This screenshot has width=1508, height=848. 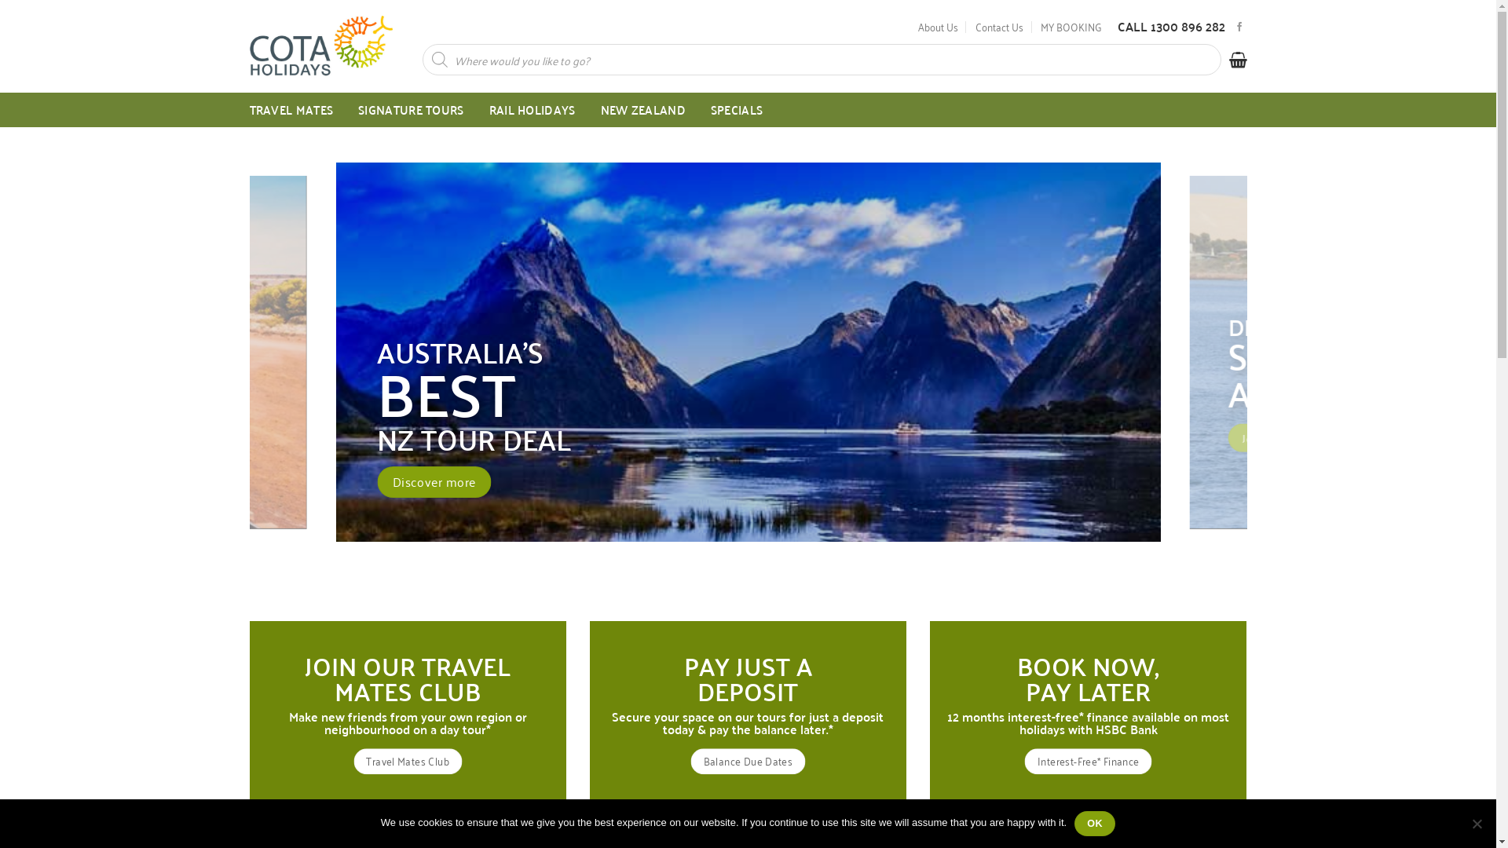 What do you see at coordinates (1070, 27) in the screenshot?
I see `'MY BOOKING'` at bounding box center [1070, 27].